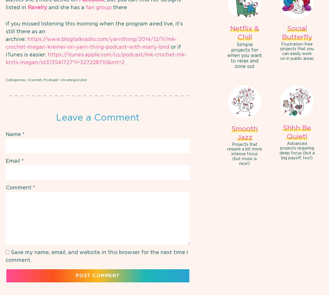  I want to click on 'Crochet', so click(27, 79).